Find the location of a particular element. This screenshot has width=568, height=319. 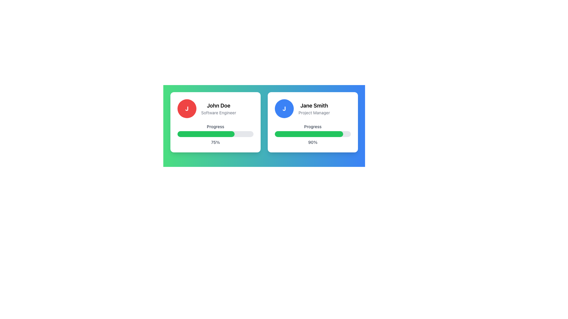

the Text Label that displays the numerical percentage of completion for the progress bar, located below the 'Progress' label in the leftmost user card is located at coordinates (215, 142).